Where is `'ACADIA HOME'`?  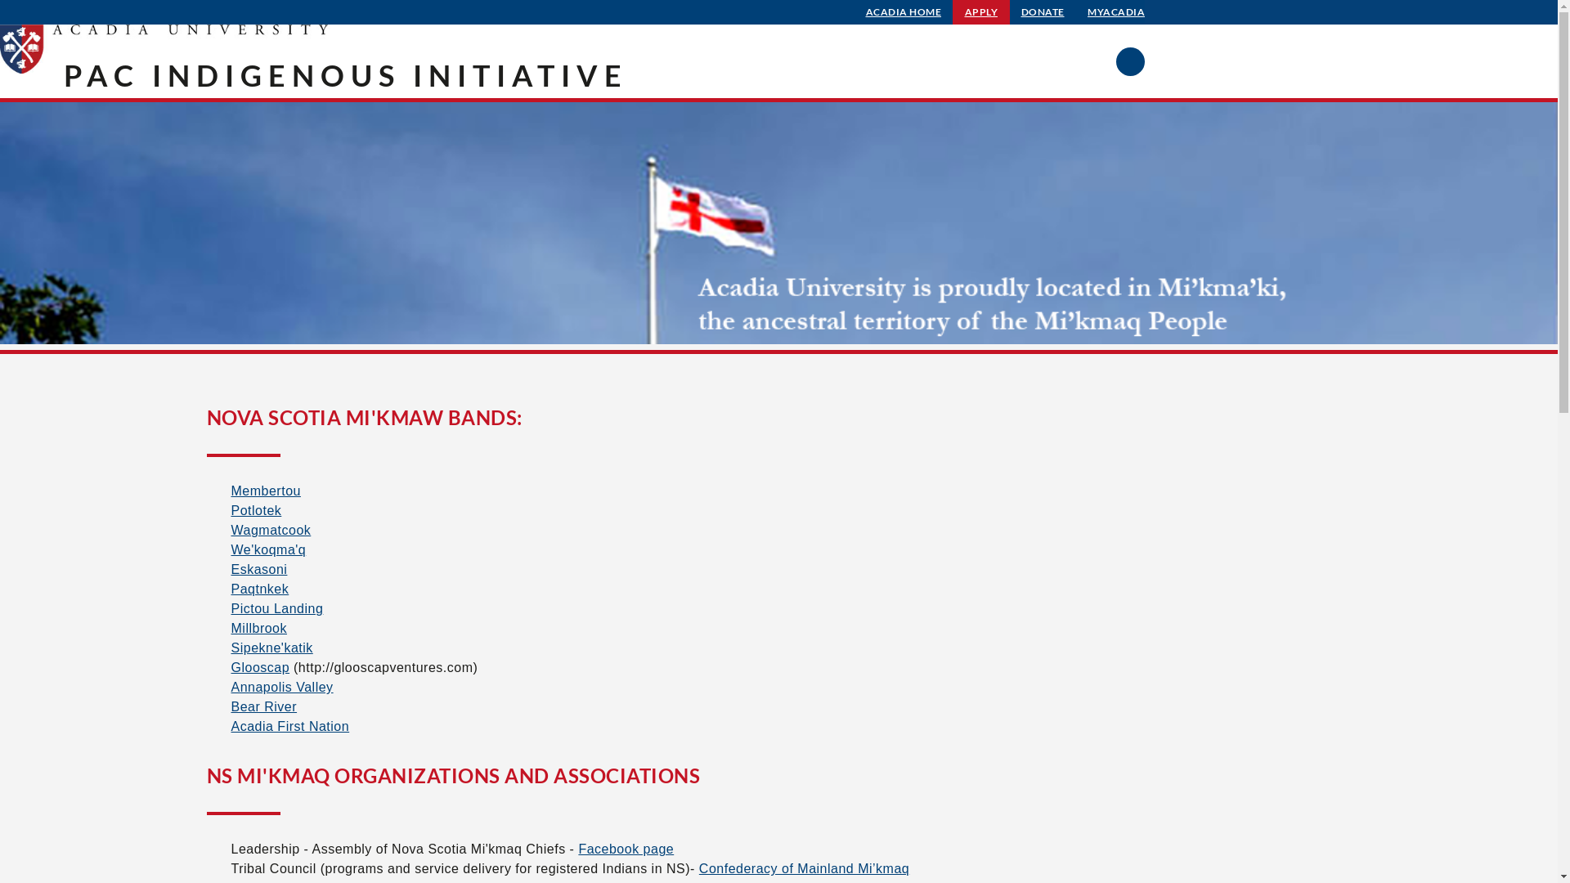
'ACADIA HOME' is located at coordinates (903, 12).